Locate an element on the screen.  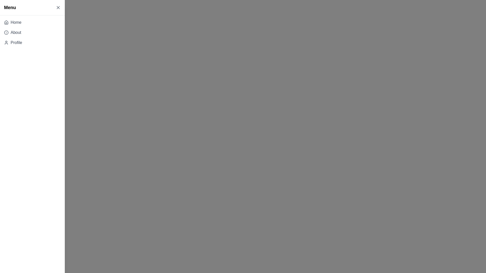
the third hyperlink in the vertical menu list located in the left sidebar is located at coordinates (16, 42).